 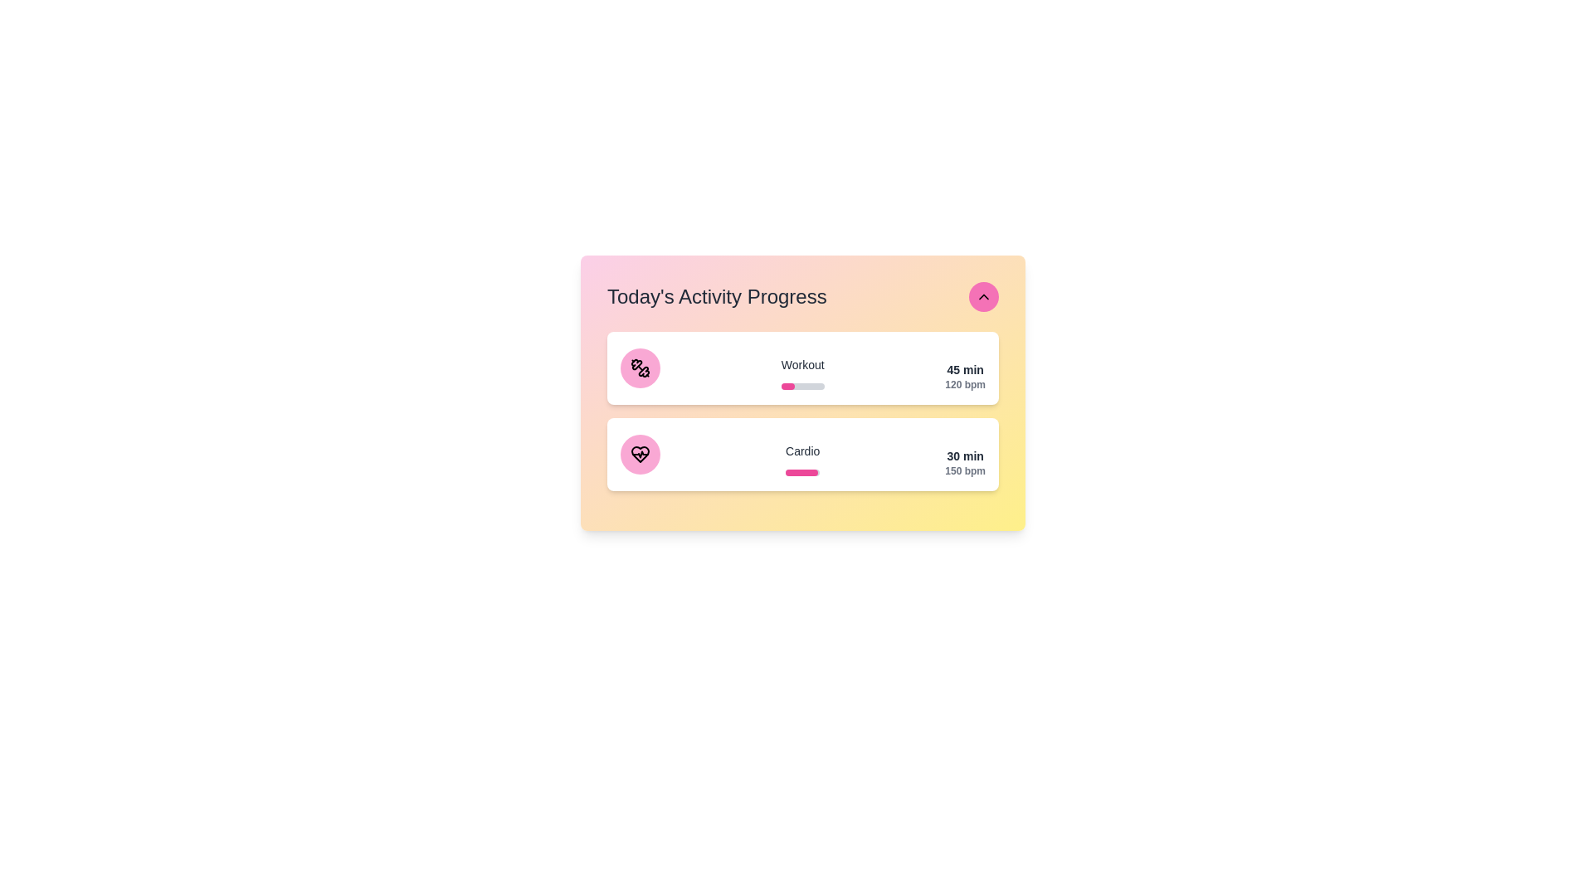 What do you see at coordinates (983, 296) in the screenshot?
I see `the icon located at the top-right corner of the activity progress card` at bounding box center [983, 296].